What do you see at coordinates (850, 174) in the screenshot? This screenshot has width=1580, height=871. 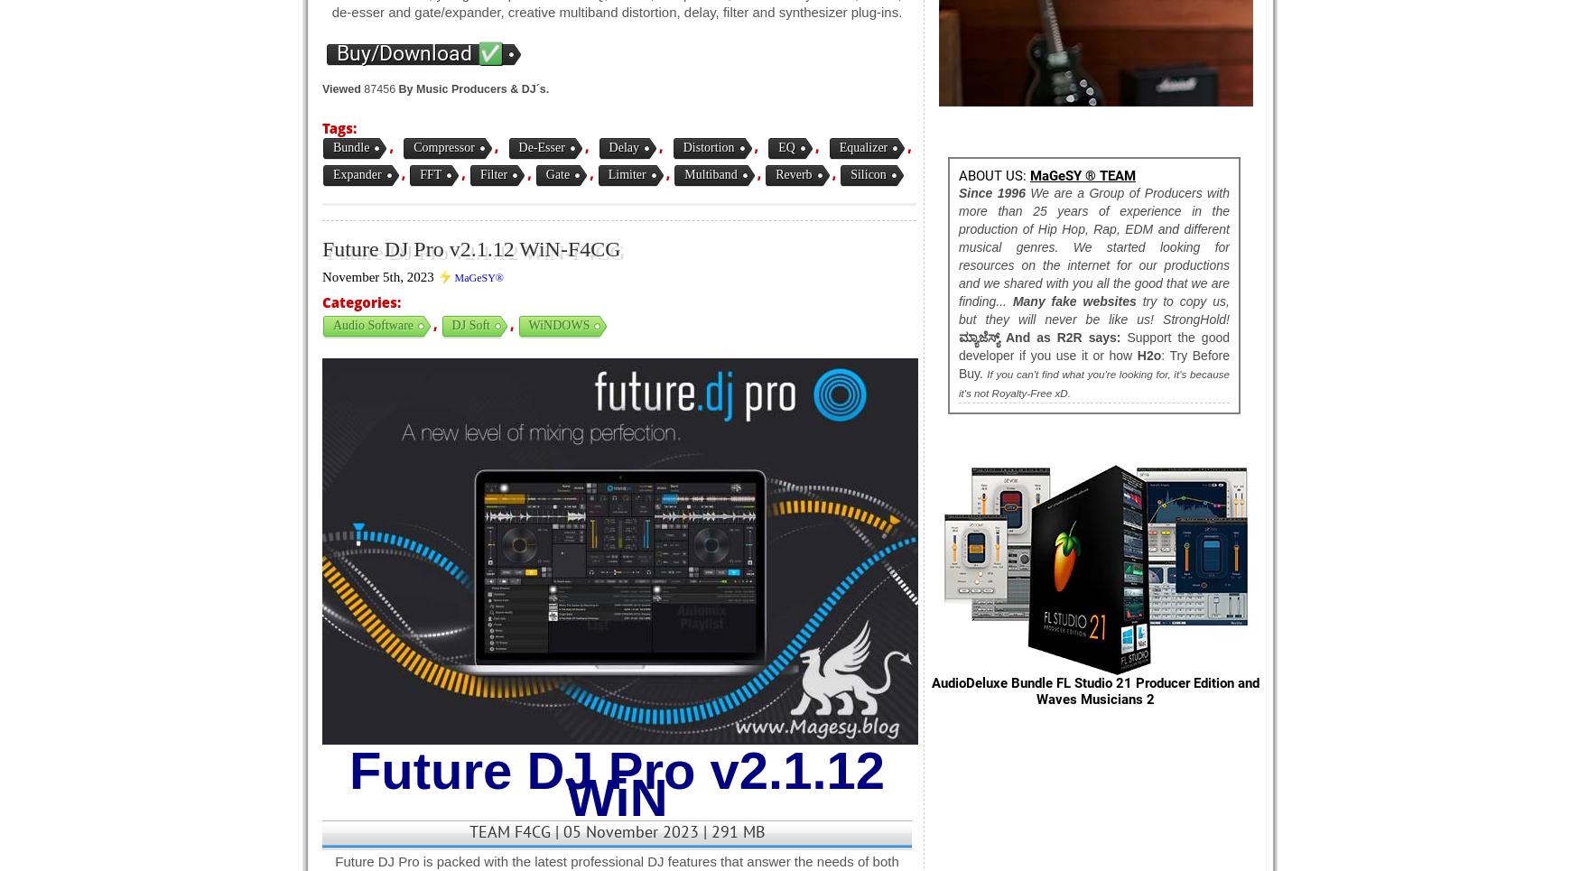 I see `'Silicon'` at bounding box center [850, 174].